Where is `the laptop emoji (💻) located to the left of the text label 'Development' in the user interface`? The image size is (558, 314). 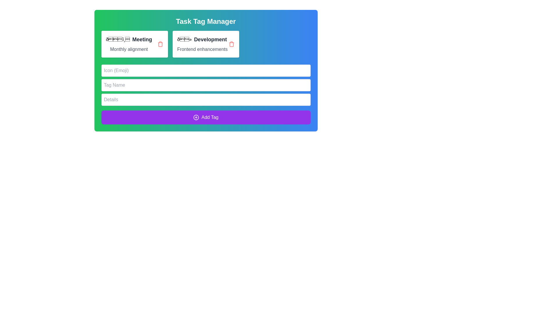 the laptop emoji (💻) located to the left of the text label 'Development' in the user interface is located at coordinates (184, 39).